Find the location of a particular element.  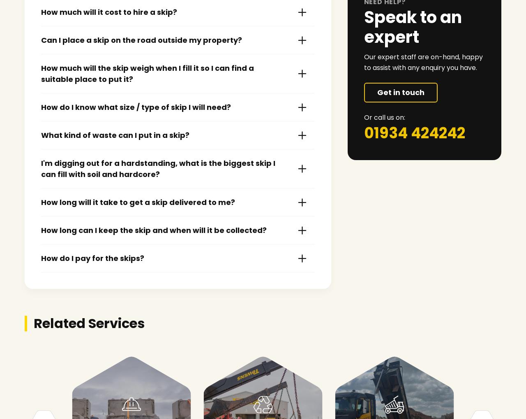

'How much will the skip weigh when I fill it so I can find a suitable place to put it?' is located at coordinates (40, 73).